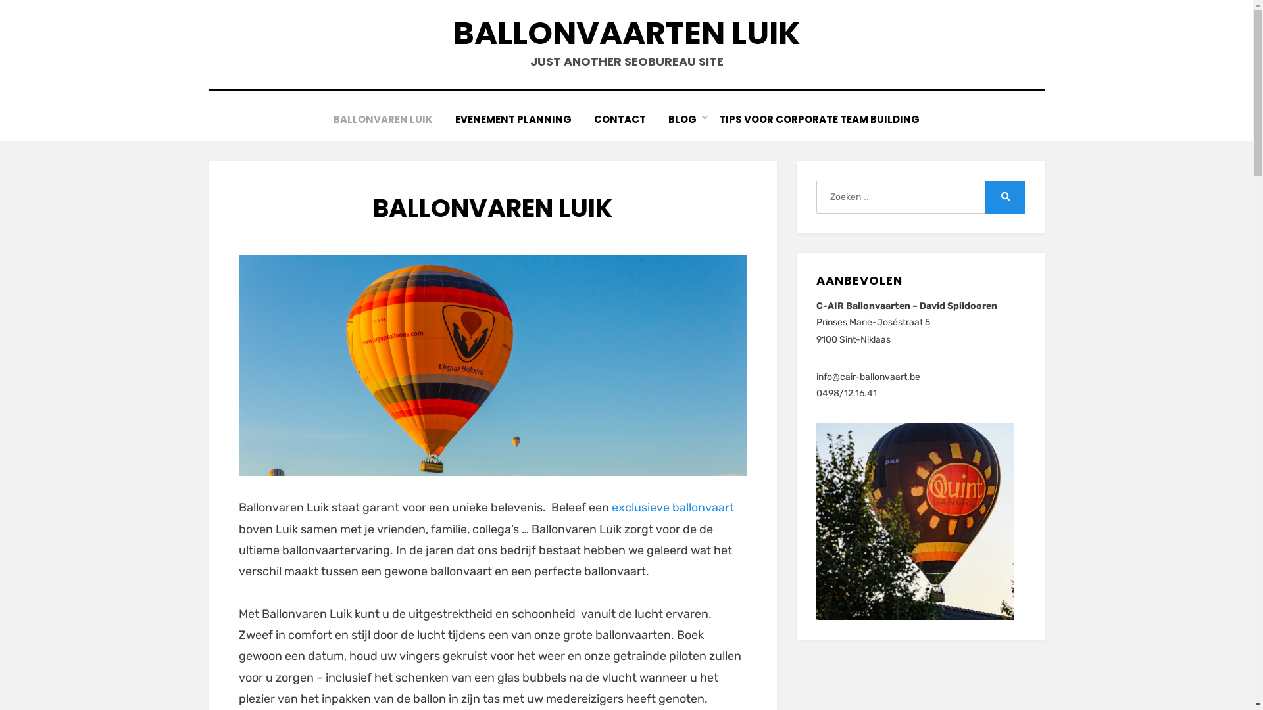  Describe the element at coordinates (682, 119) in the screenshot. I see `'BLOG'` at that location.